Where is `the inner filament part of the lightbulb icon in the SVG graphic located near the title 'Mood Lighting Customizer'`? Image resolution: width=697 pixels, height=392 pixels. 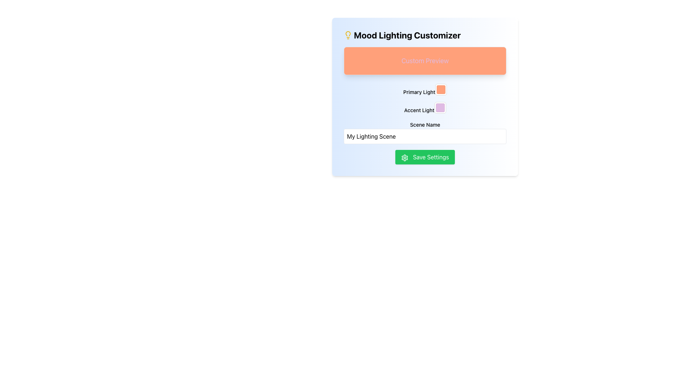 the inner filament part of the lightbulb icon in the SVG graphic located near the title 'Mood Lighting Customizer' is located at coordinates (348, 33).